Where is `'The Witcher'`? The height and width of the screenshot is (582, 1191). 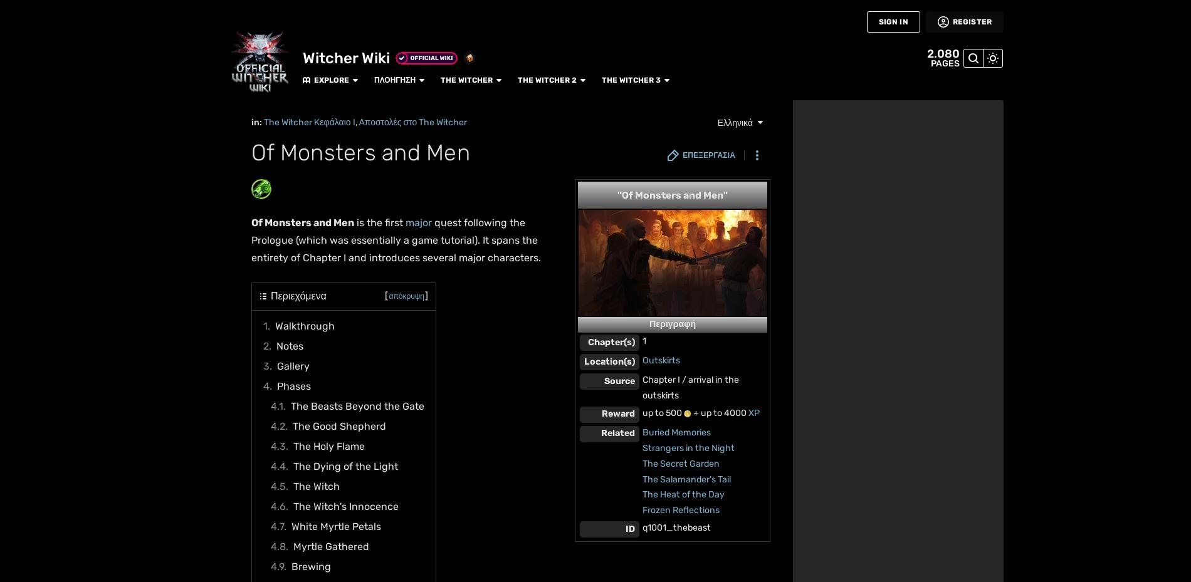
'The Witcher' is located at coordinates (314, 13).